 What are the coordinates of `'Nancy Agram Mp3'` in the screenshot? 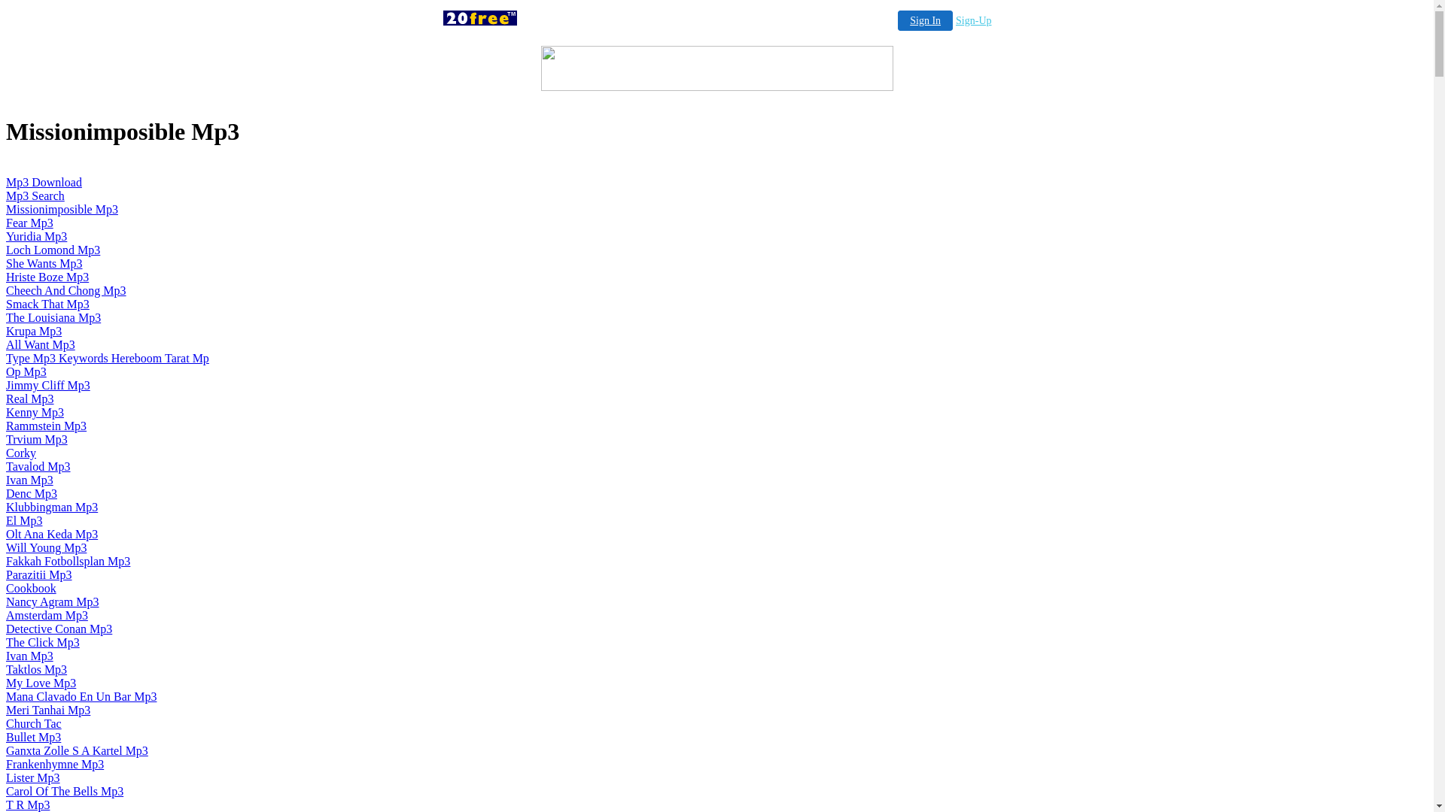 It's located at (53, 601).